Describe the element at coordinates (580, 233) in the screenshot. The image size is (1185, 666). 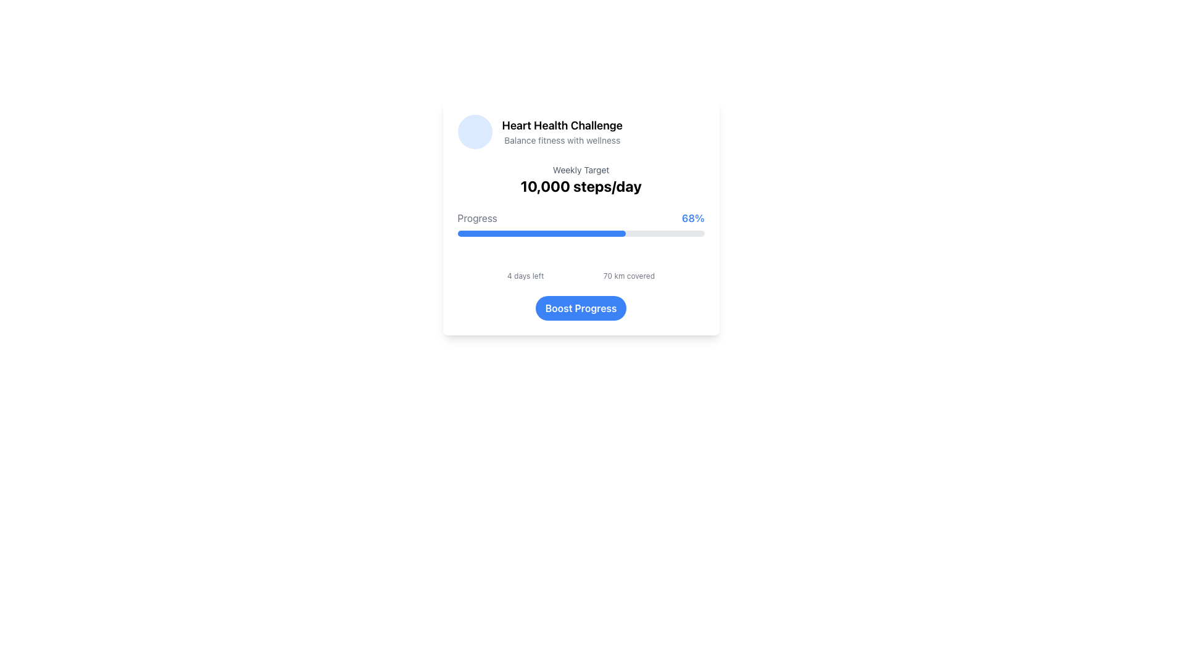
I see `the progress bar with a gray background and blue-filled section indicating 68% progress, located below the text 'Progress' and '68%'` at that location.